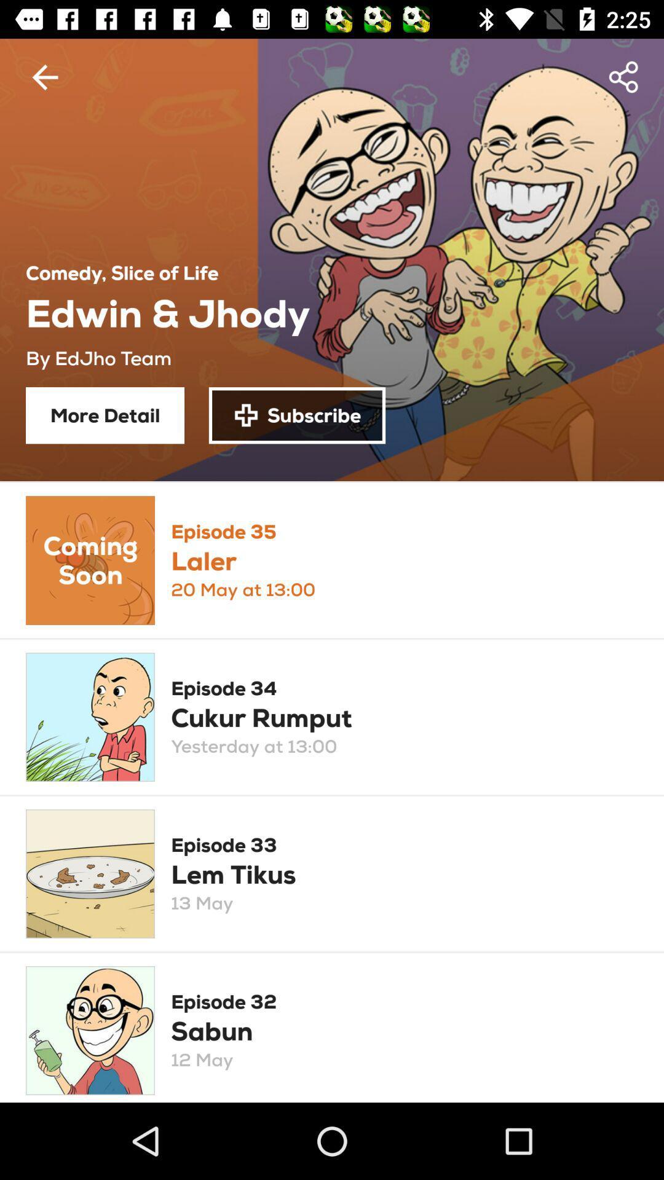 This screenshot has width=664, height=1180. What do you see at coordinates (297, 415) in the screenshot?
I see `subscribe icon` at bounding box center [297, 415].